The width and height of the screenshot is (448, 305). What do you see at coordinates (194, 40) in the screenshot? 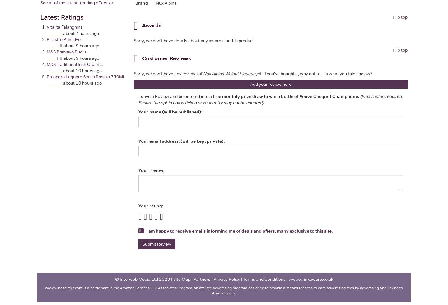
I see `'Sorry, we don't have details about any awards for this product.'` at bounding box center [194, 40].